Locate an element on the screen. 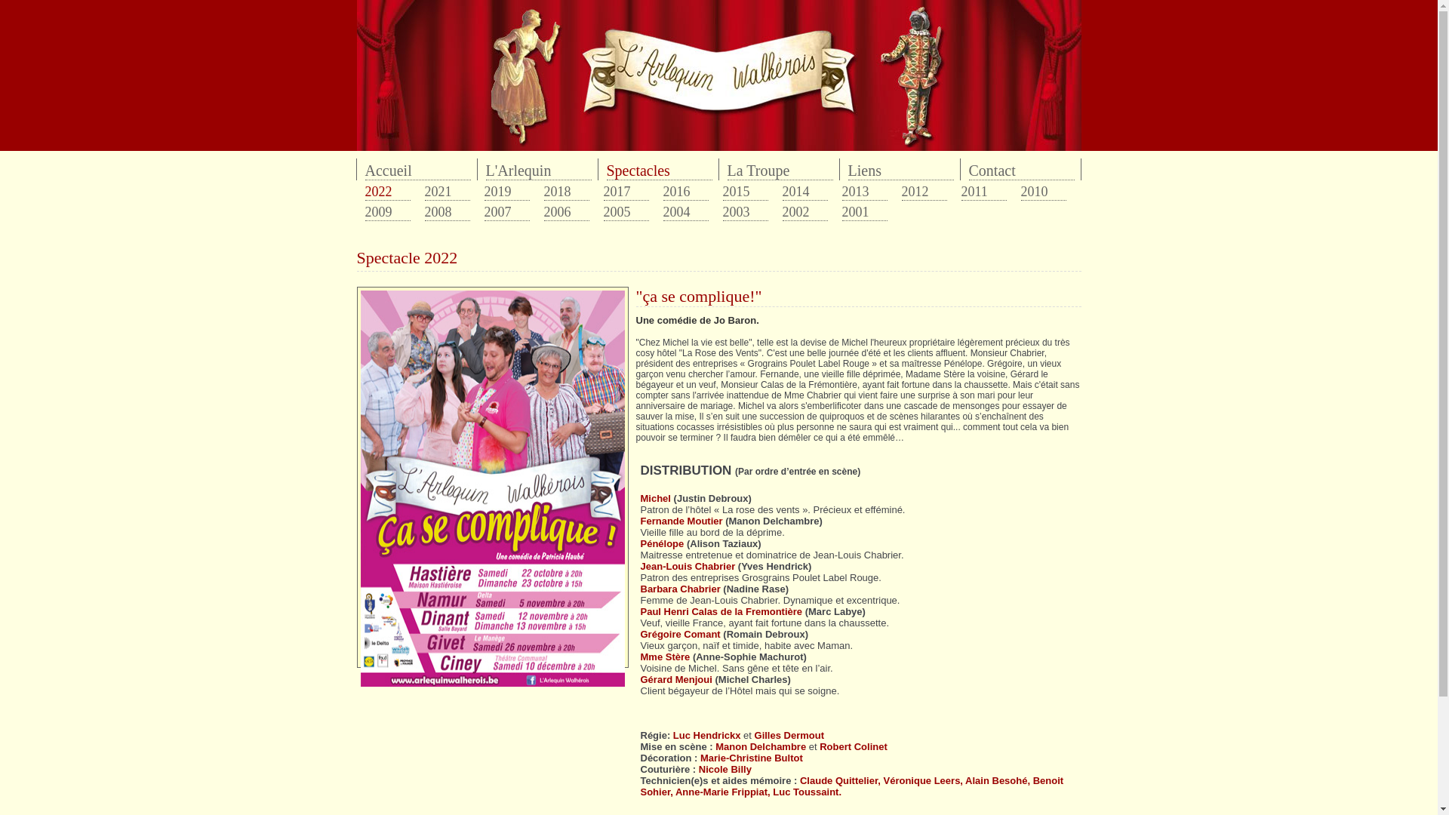 The height and width of the screenshot is (815, 1449). '2004' is located at coordinates (663, 212).